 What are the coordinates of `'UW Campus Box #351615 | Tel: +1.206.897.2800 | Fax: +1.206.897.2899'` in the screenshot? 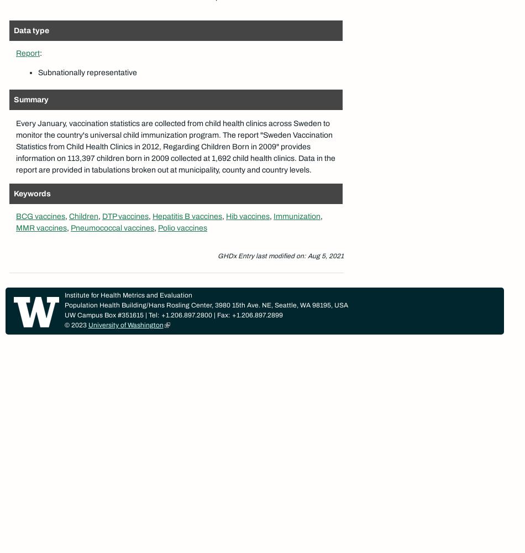 It's located at (172, 315).